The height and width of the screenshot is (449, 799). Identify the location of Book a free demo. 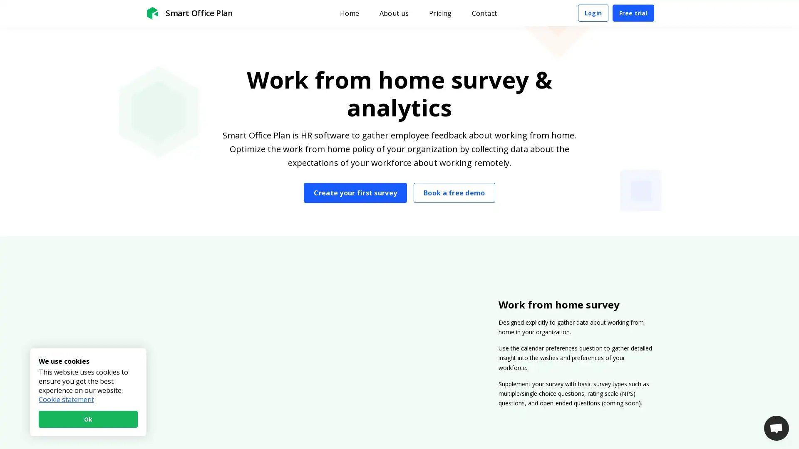
(454, 192).